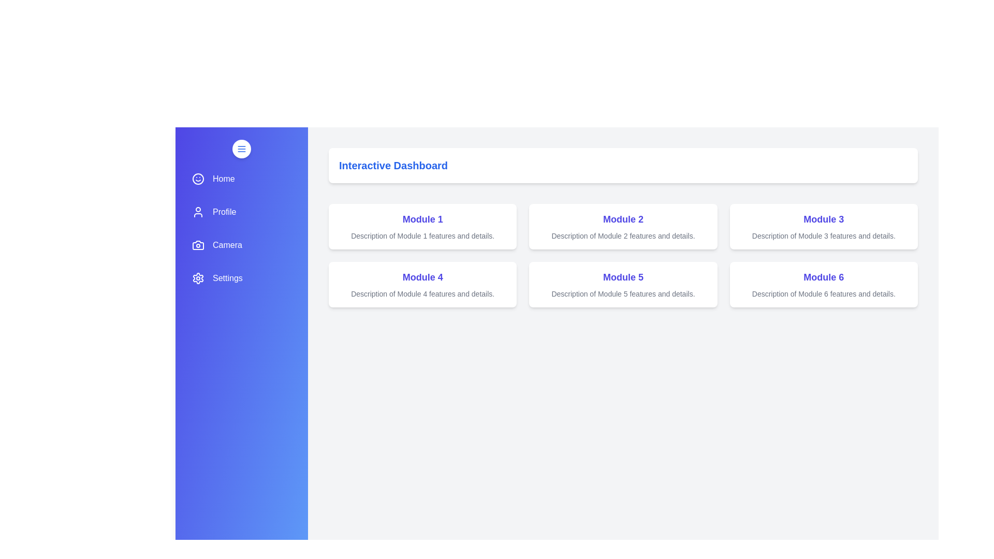 This screenshot has height=559, width=994. What do you see at coordinates (241, 245) in the screenshot?
I see `the navigation menu item labeled 'Camera', which is the third item in the vertical menu list located in the left-hand sidebar` at bounding box center [241, 245].